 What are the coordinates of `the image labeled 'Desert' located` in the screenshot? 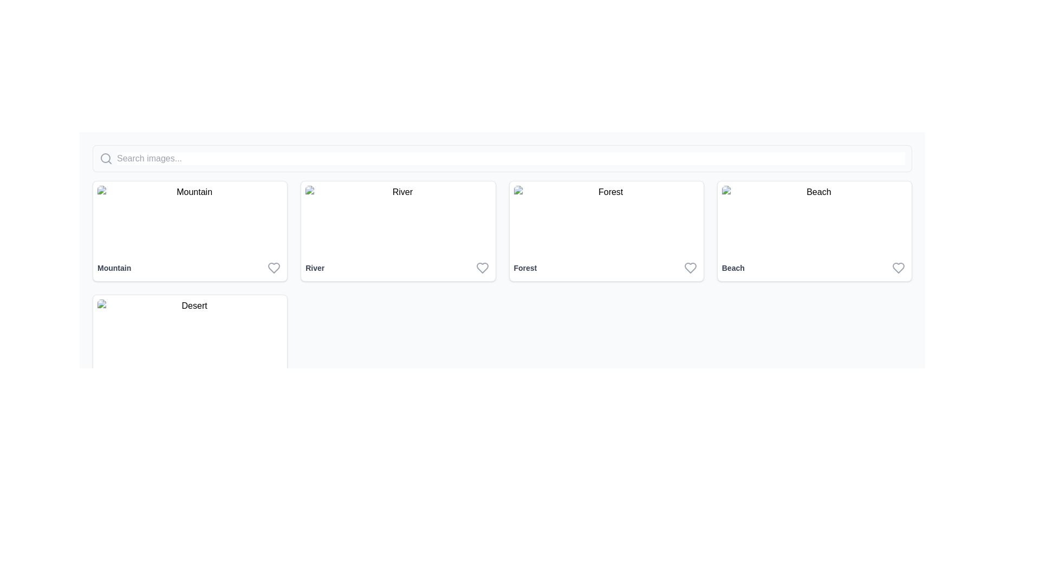 It's located at (190, 334).